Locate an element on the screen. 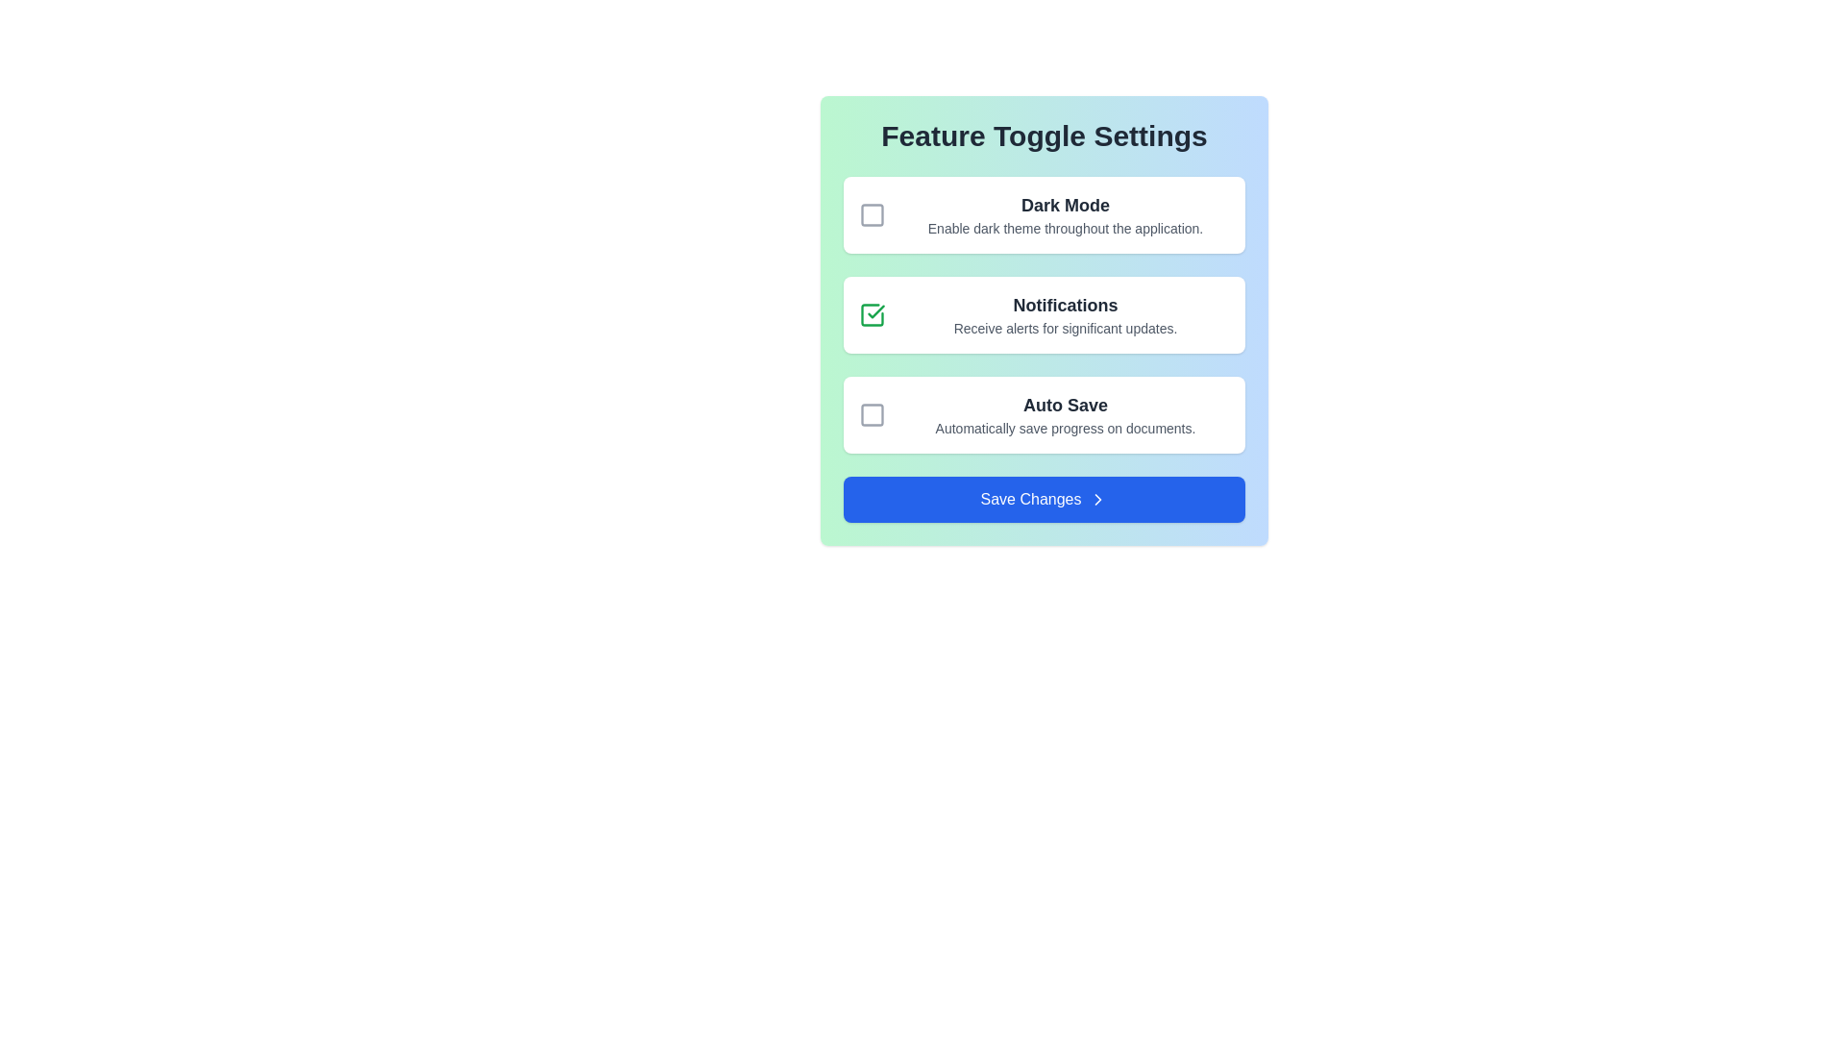  the 'Notifications' text label that describes the corresponding checkbox option for enabling or disabling notifications in the settings dialog is located at coordinates (1064, 304).